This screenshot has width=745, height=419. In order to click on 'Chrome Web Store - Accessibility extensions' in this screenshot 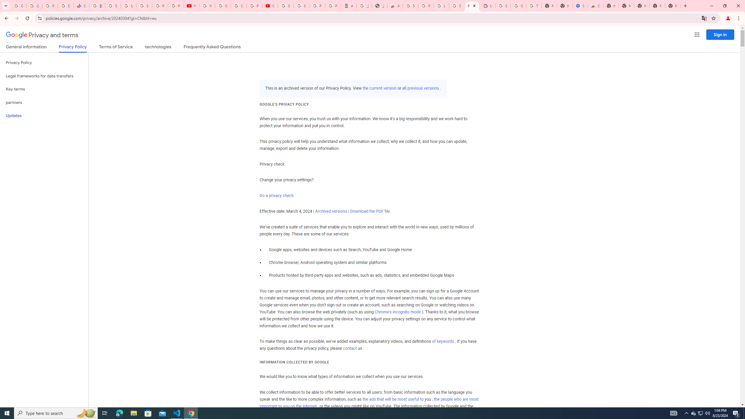, I will do `click(595, 6)`.